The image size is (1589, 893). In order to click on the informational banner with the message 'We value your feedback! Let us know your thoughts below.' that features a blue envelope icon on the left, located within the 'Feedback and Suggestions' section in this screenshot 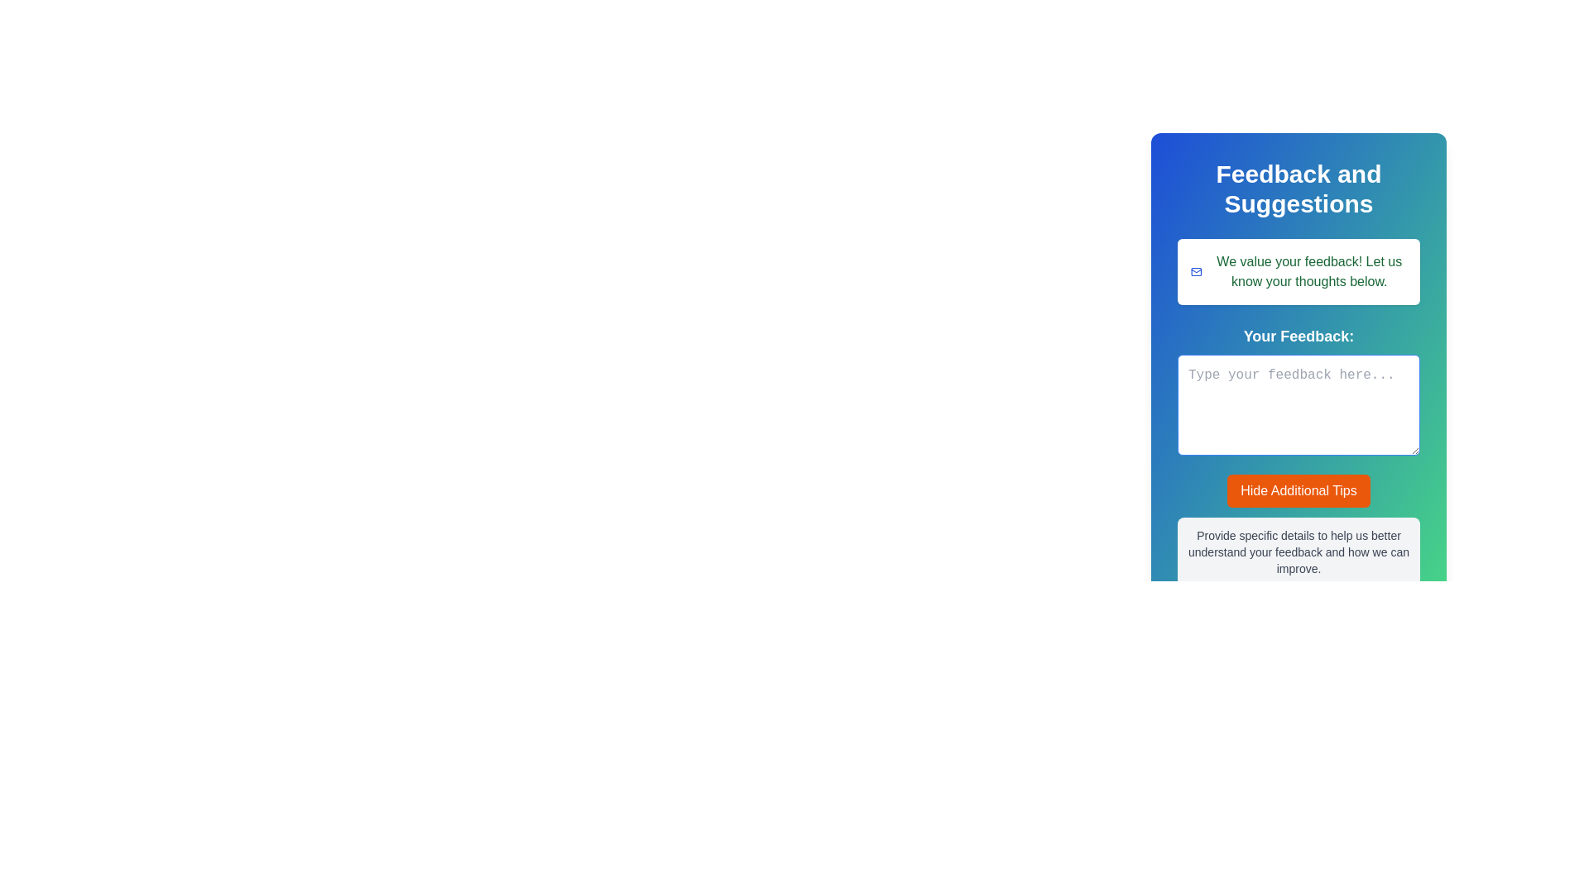, I will do `click(1298, 270)`.